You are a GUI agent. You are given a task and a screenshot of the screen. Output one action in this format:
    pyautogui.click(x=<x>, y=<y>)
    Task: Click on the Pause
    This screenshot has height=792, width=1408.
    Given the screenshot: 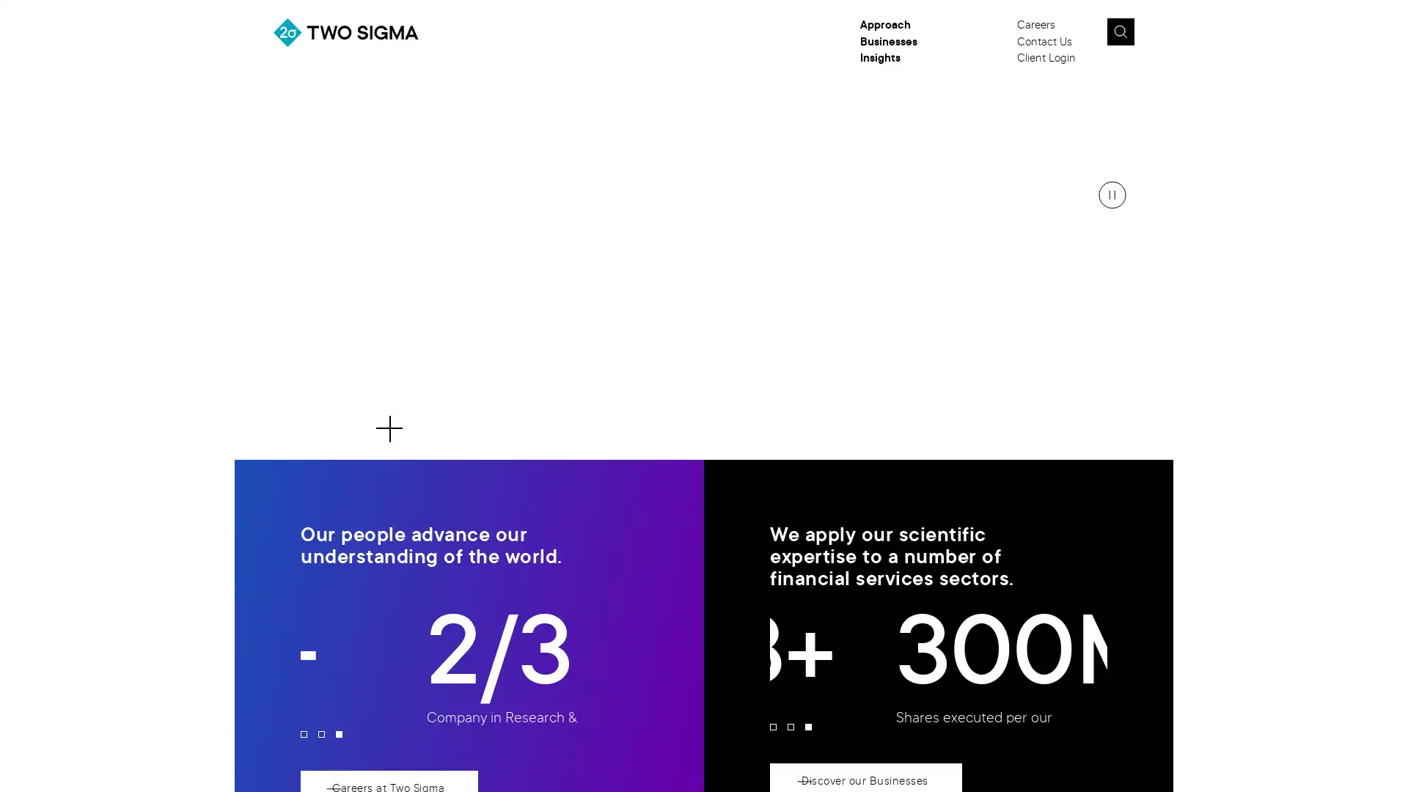 What is the action you would take?
    pyautogui.click(x=1112, y=194)
    